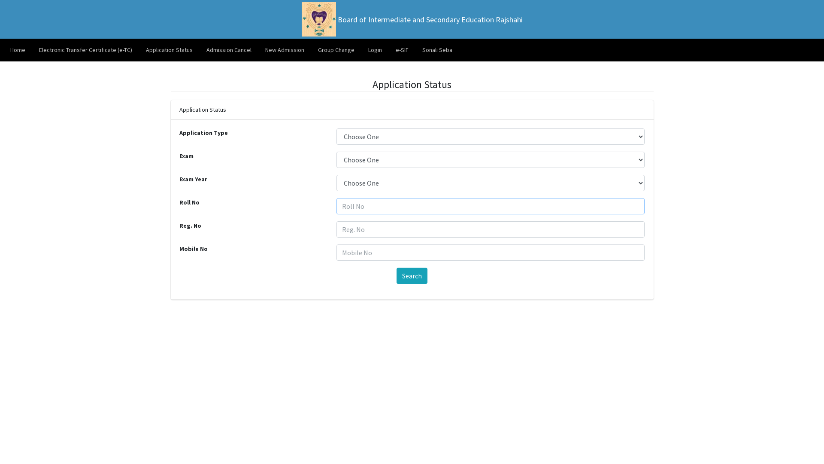 The height and width of the screenshot is (464, 824). What do you see at coordinates (361, 50) in the screenshot?
I see `'Login'` at bounding box center [361, 50].